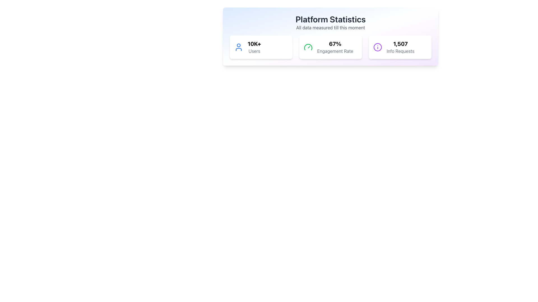  Describe the element at coordinates (254, 44) in the screenshot. I see `the bold text label displaying '10K+' which indicates user statistics, positioned above the text 'Users' and aligned with a person icon` at that location.